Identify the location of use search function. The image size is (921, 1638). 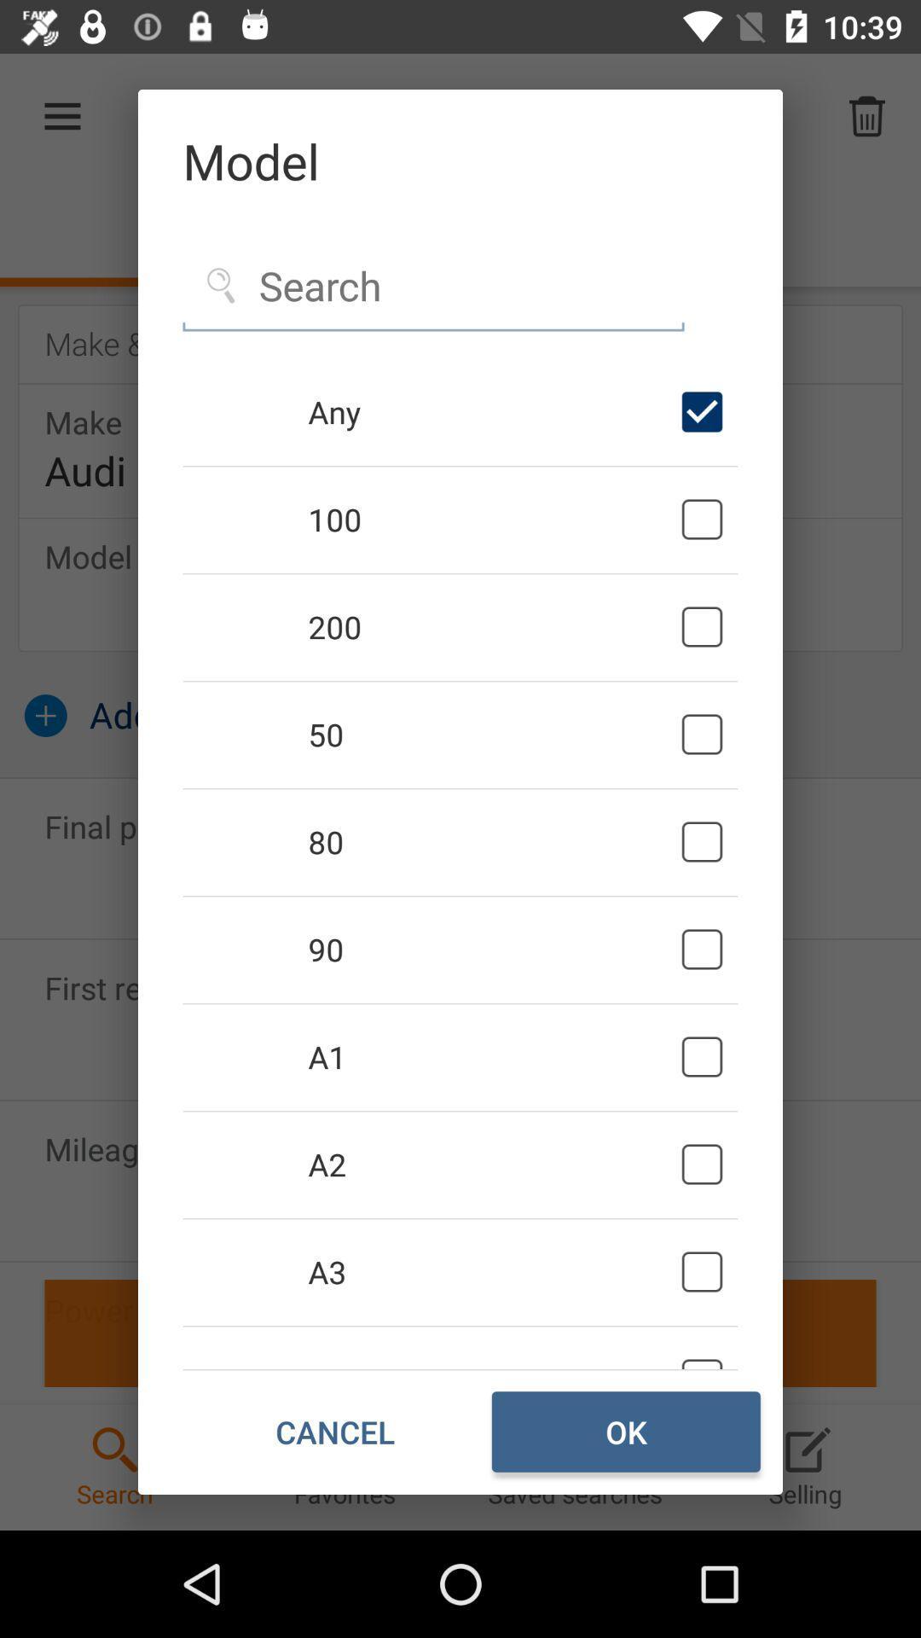
(432, 287).